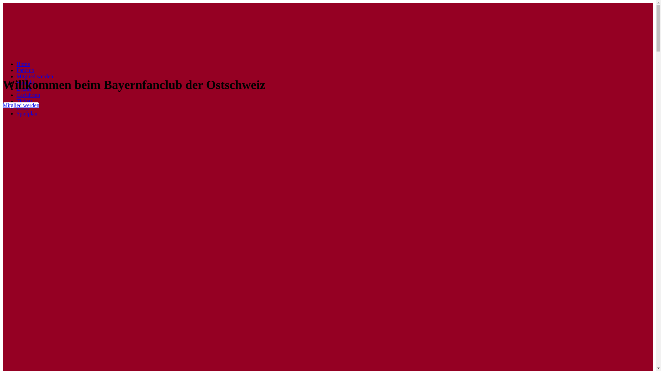 The height and width of the screenshot is (371, 661). I want to click on 'Fotos', so click(23, 107).